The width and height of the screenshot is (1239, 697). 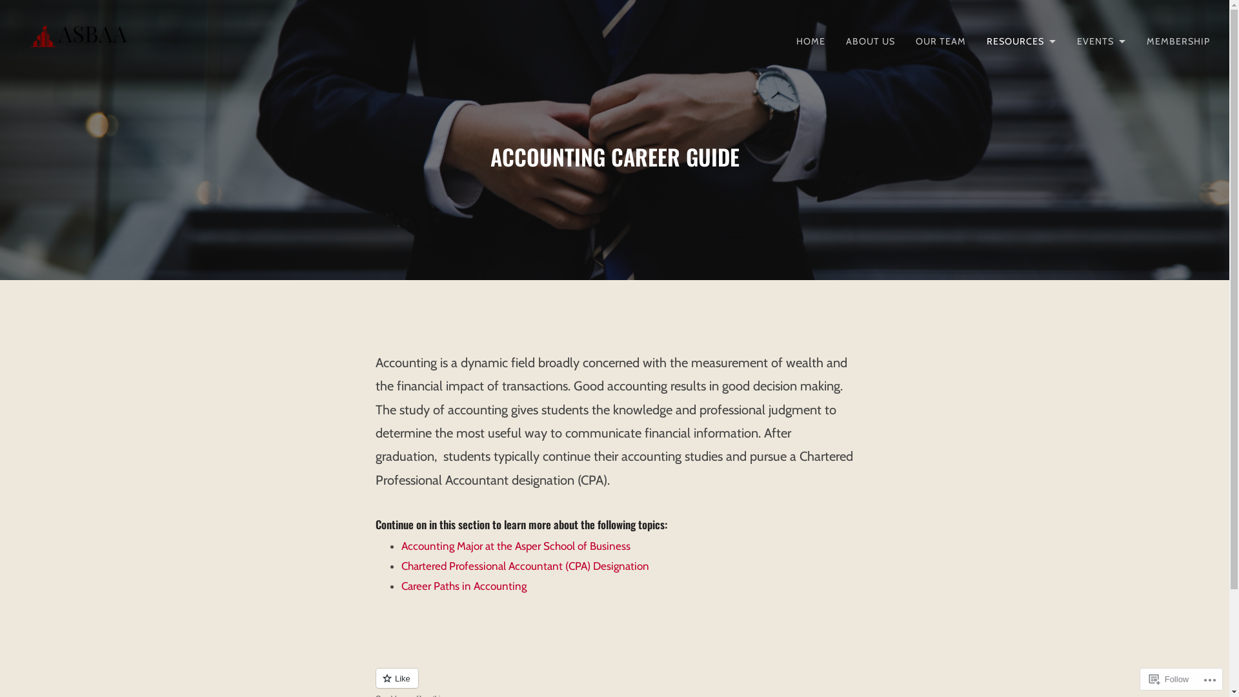 I want to click on 'ABOUT US', so click(x=836, y=41).